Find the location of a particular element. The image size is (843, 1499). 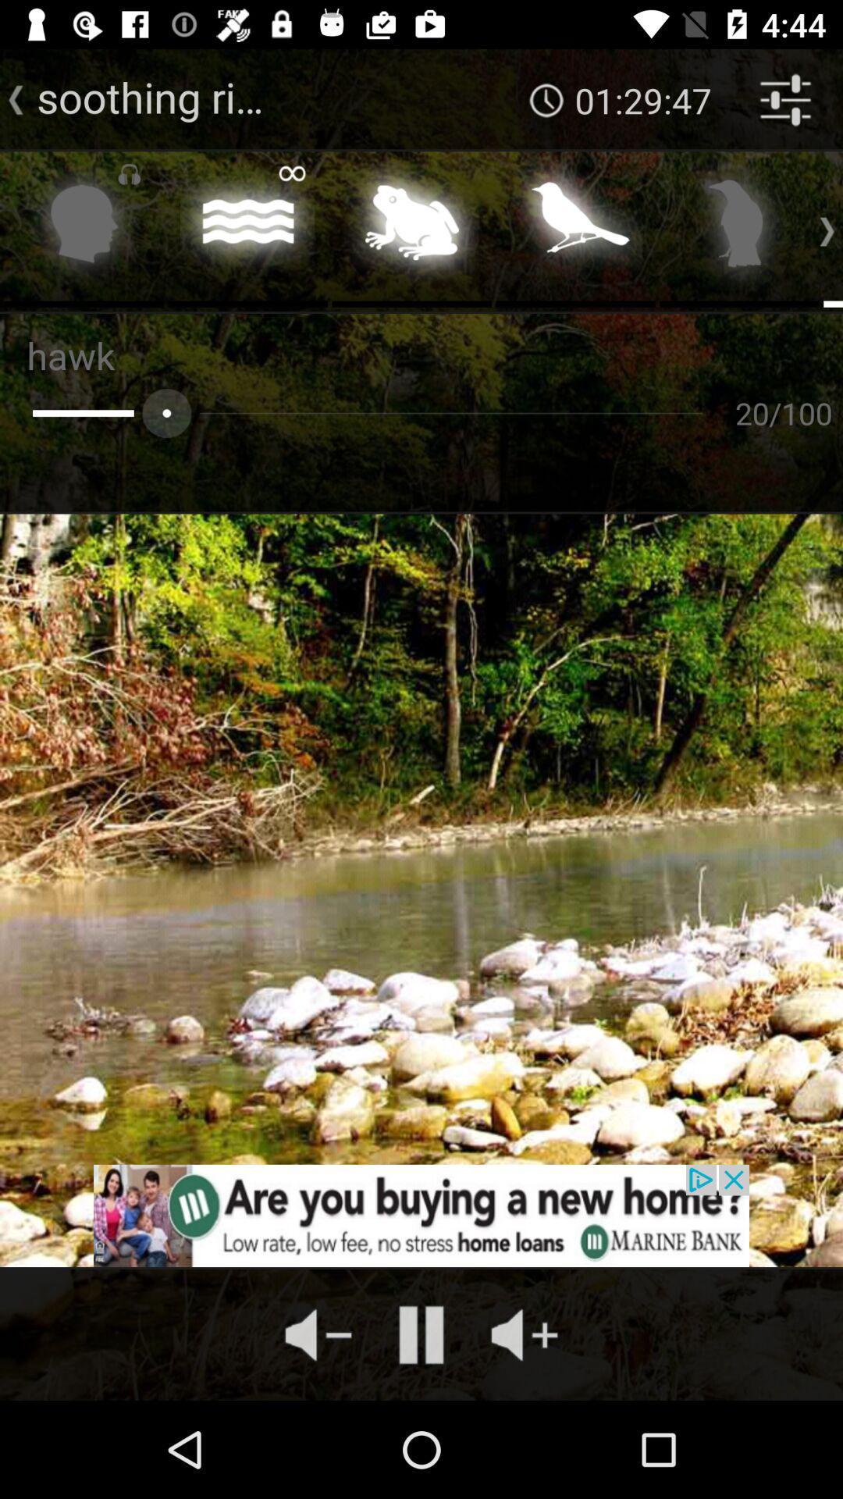

the arrow_backward icon is located at coordinates (16, 99).